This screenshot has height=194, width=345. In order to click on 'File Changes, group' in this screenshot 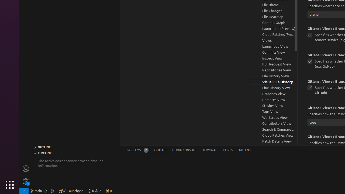, I will do `click(274, 11)`.